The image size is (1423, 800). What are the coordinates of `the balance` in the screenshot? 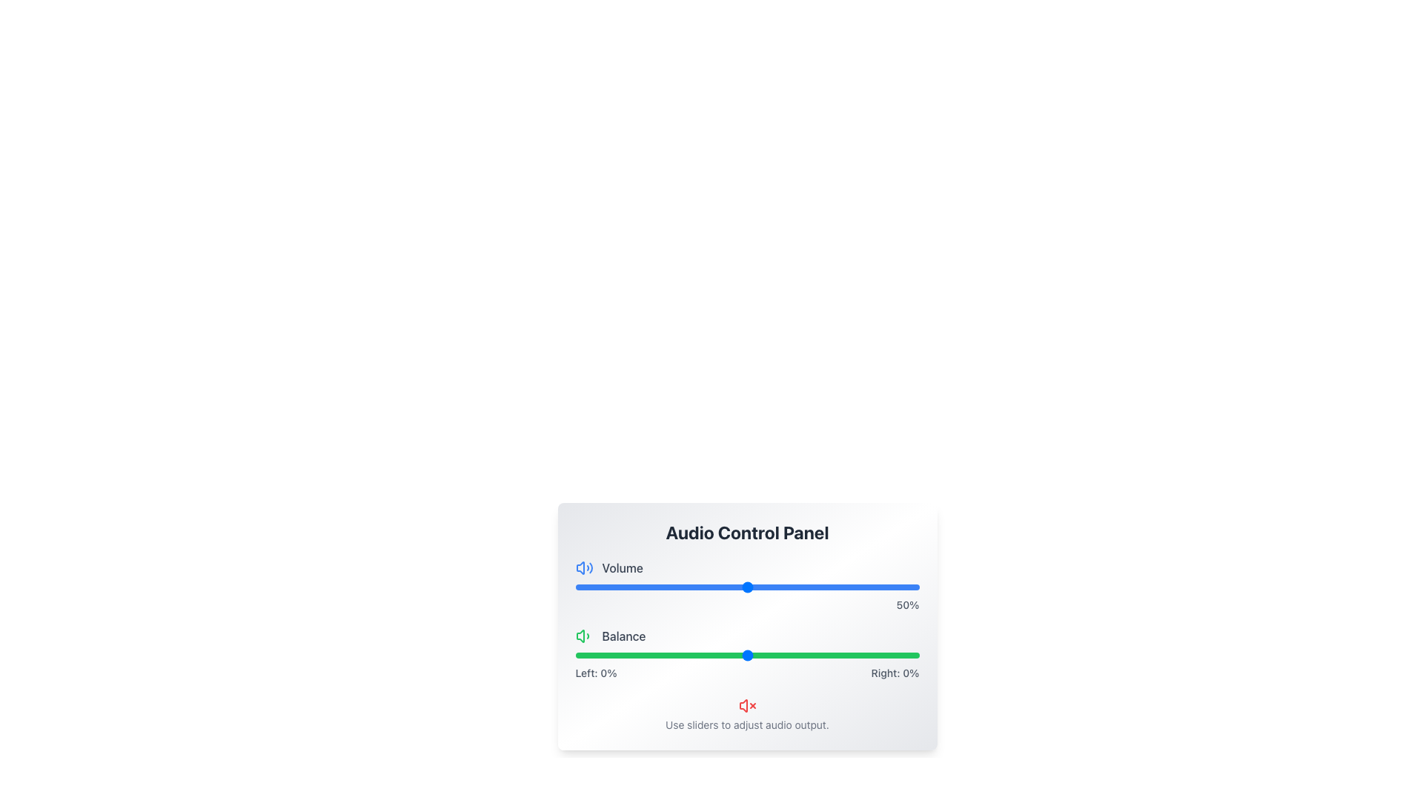 It's located at (671, 654).